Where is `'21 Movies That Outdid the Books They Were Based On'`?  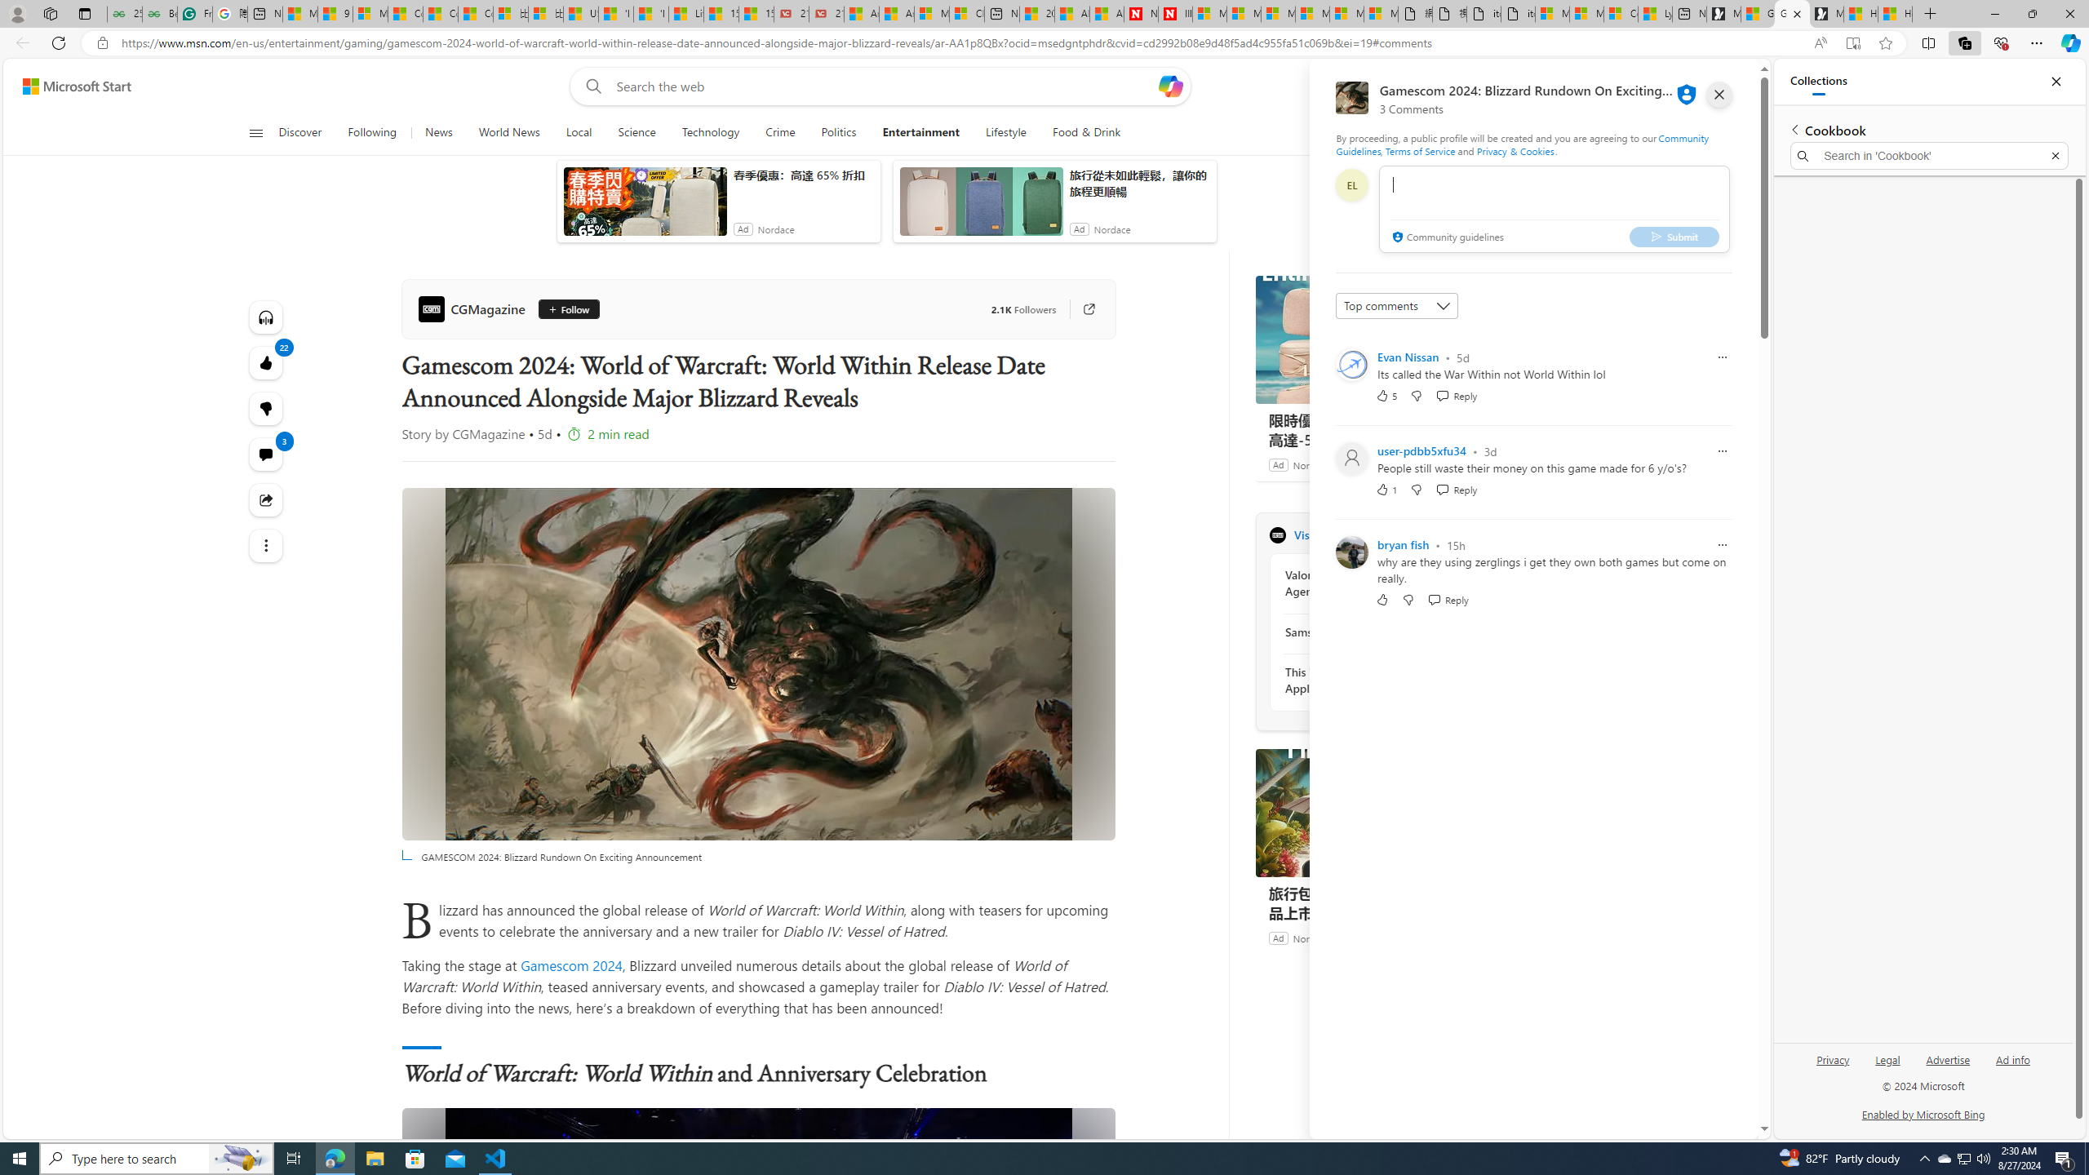
'21 Movies That Outdid the Books They Were Based On' is located at coordinates (825, 13).